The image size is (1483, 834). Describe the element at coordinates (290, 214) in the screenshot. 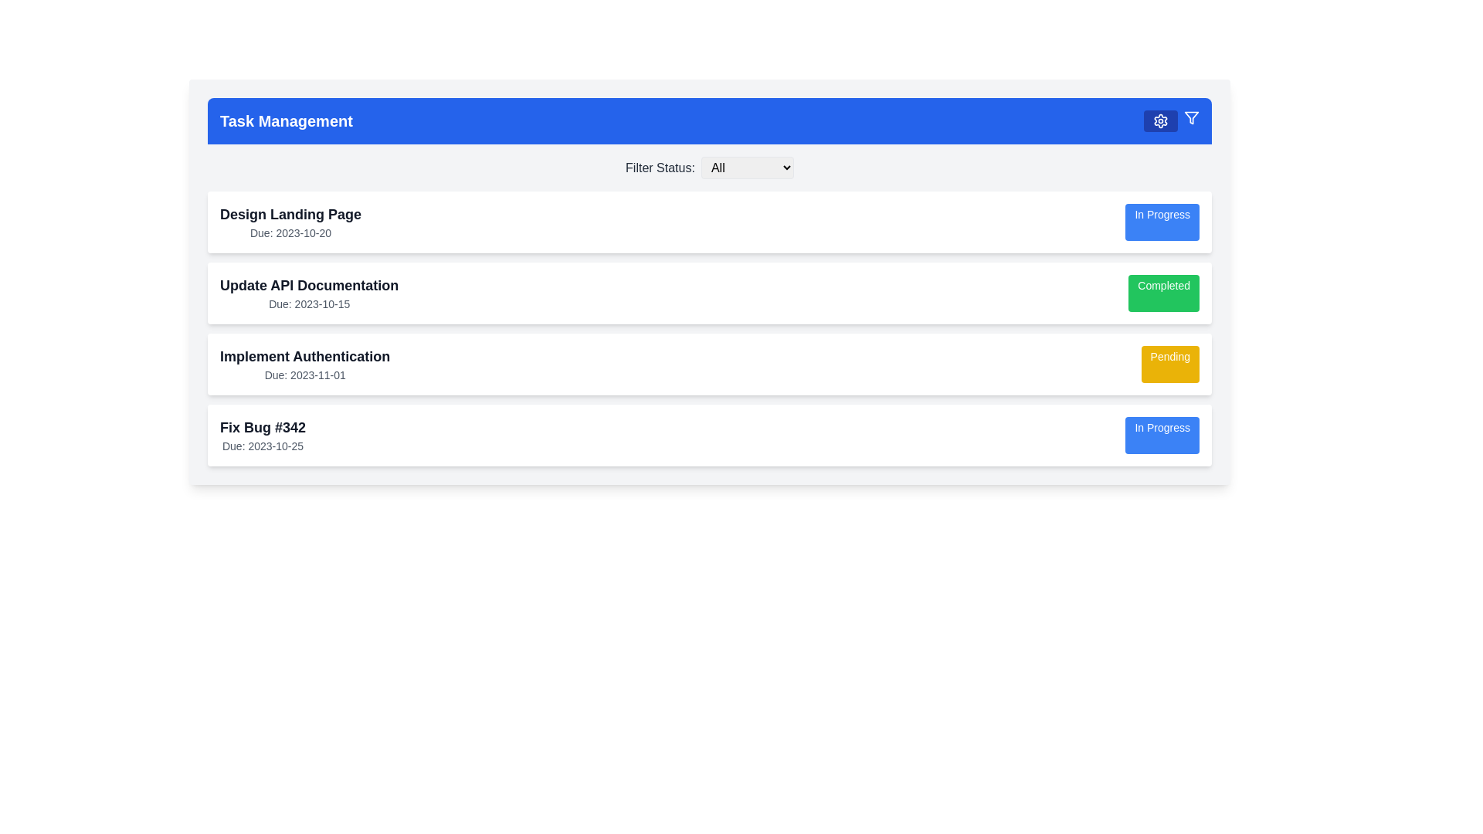

I see `text label displaying 'Design Landing Page' which is located at the top of the first task card in the list, above the due date text` at that location.